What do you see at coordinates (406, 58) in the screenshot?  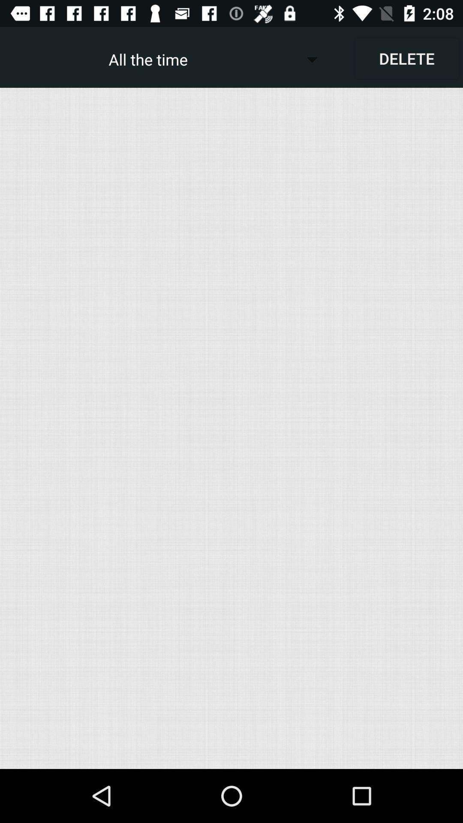 I see `the delete icon` at bounding box center [406, 58].